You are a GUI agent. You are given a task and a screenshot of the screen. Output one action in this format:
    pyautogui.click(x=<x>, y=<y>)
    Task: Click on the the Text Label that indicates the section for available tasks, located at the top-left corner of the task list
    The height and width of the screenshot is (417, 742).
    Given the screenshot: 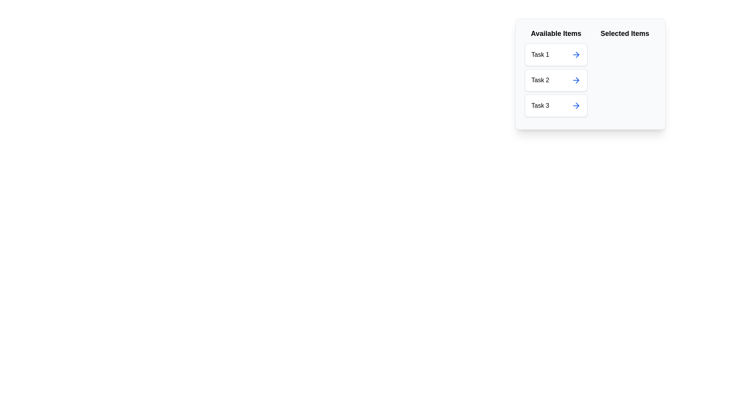 What is the action you would take?
    pyautogui.click(x=556, y=33)
    